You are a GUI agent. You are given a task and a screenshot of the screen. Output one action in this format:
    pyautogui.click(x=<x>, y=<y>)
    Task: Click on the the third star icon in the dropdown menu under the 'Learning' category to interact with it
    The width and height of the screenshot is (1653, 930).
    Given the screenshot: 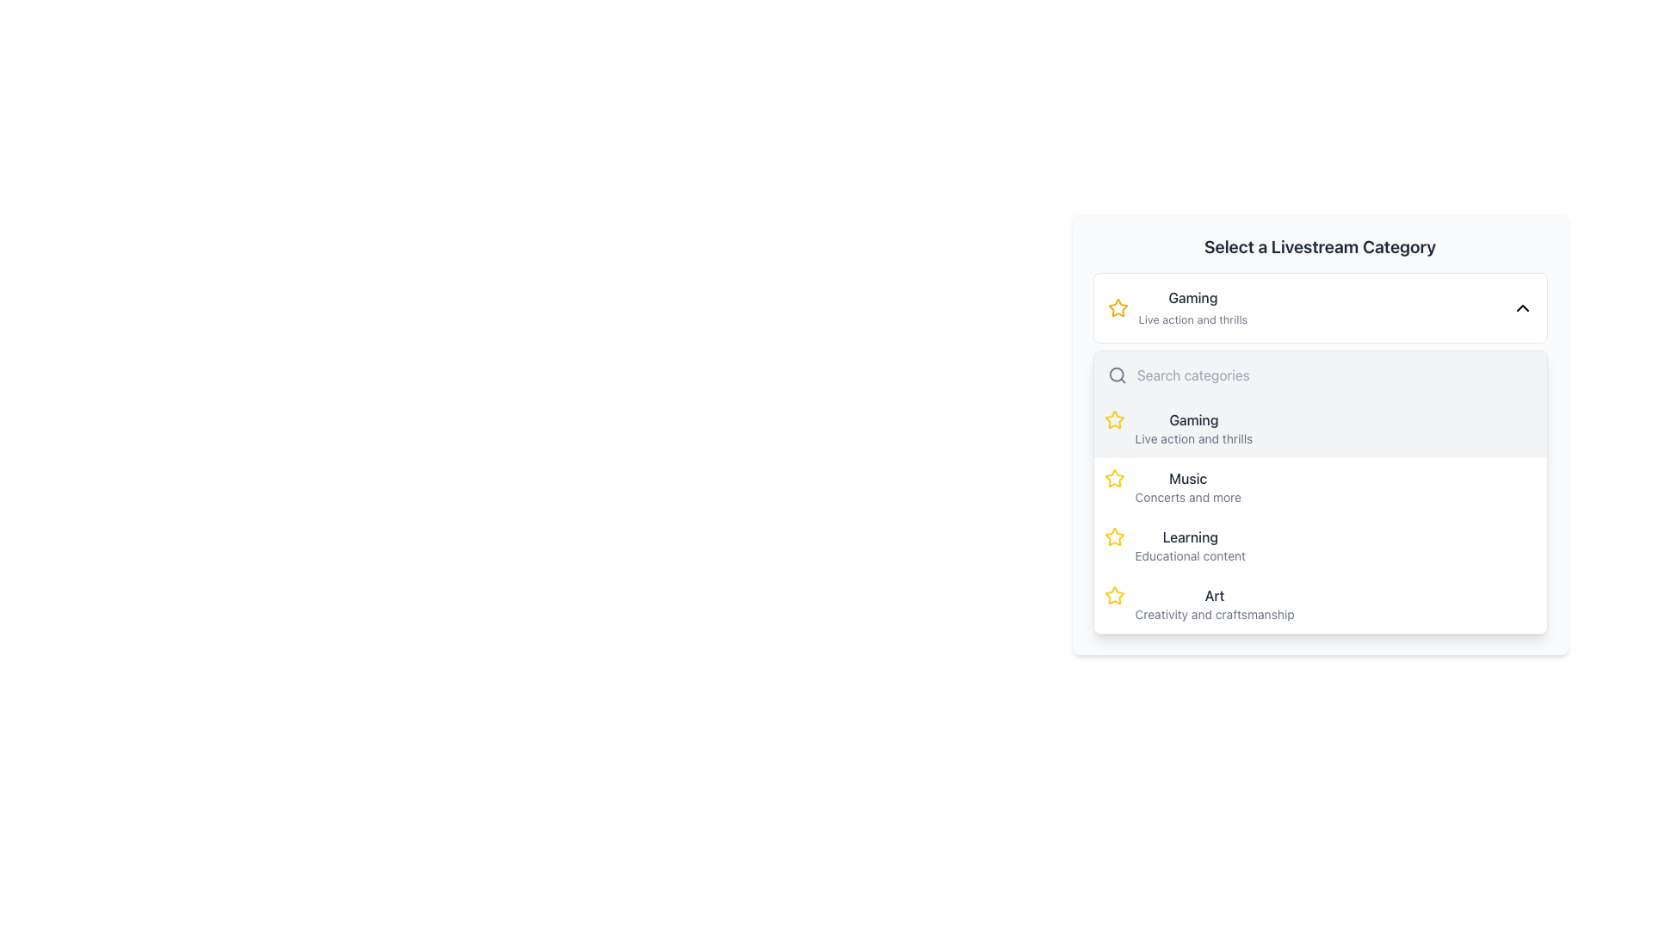 What is the action you would take?
    pyautogui.click(x=1114, y=536)
    